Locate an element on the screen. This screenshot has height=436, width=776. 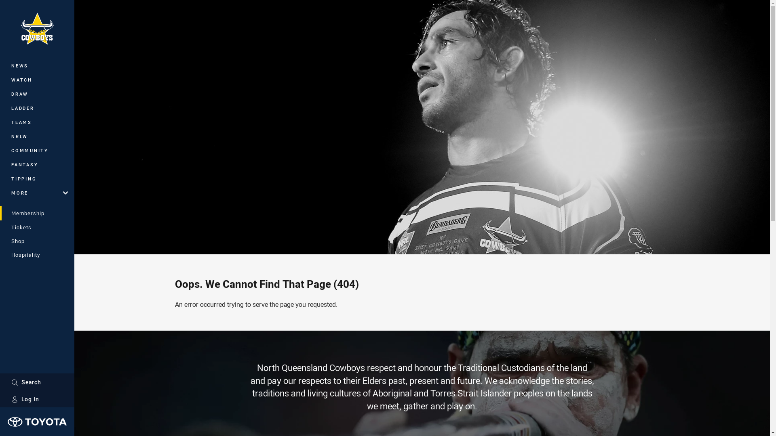
'NEWS' is located at coordinates (36, 65).